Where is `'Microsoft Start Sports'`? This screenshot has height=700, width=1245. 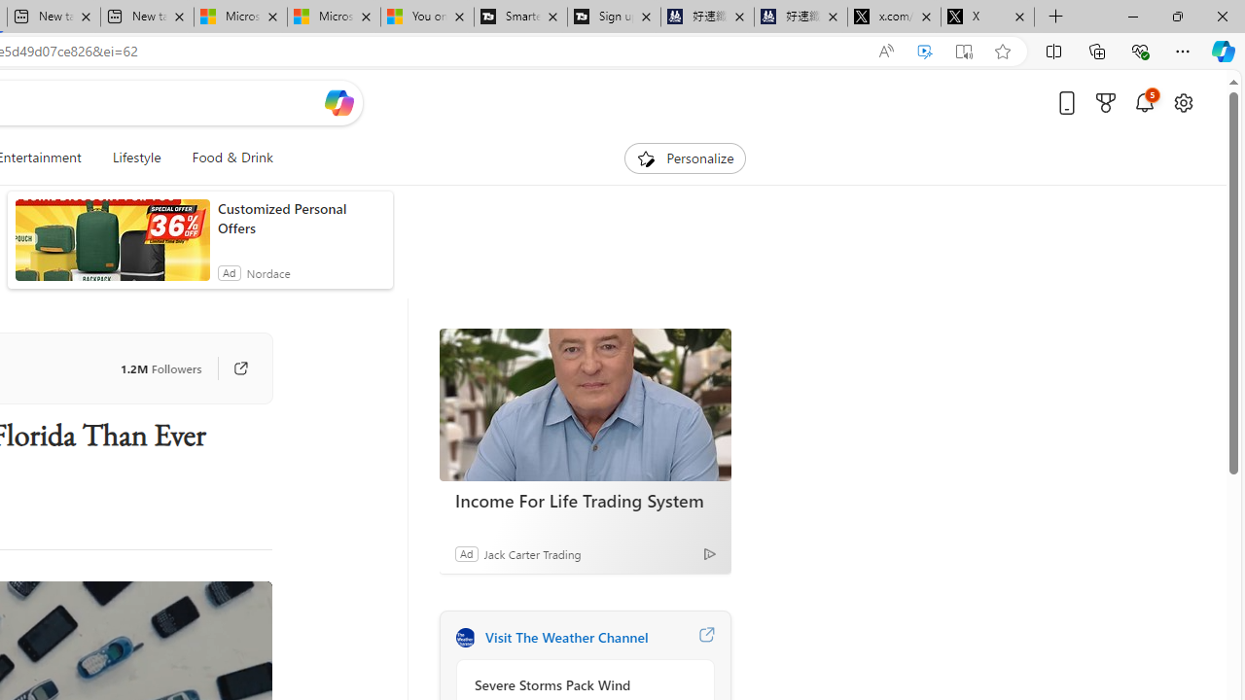
'Microsoft Start Sports' is located at coordinates (239, 17).